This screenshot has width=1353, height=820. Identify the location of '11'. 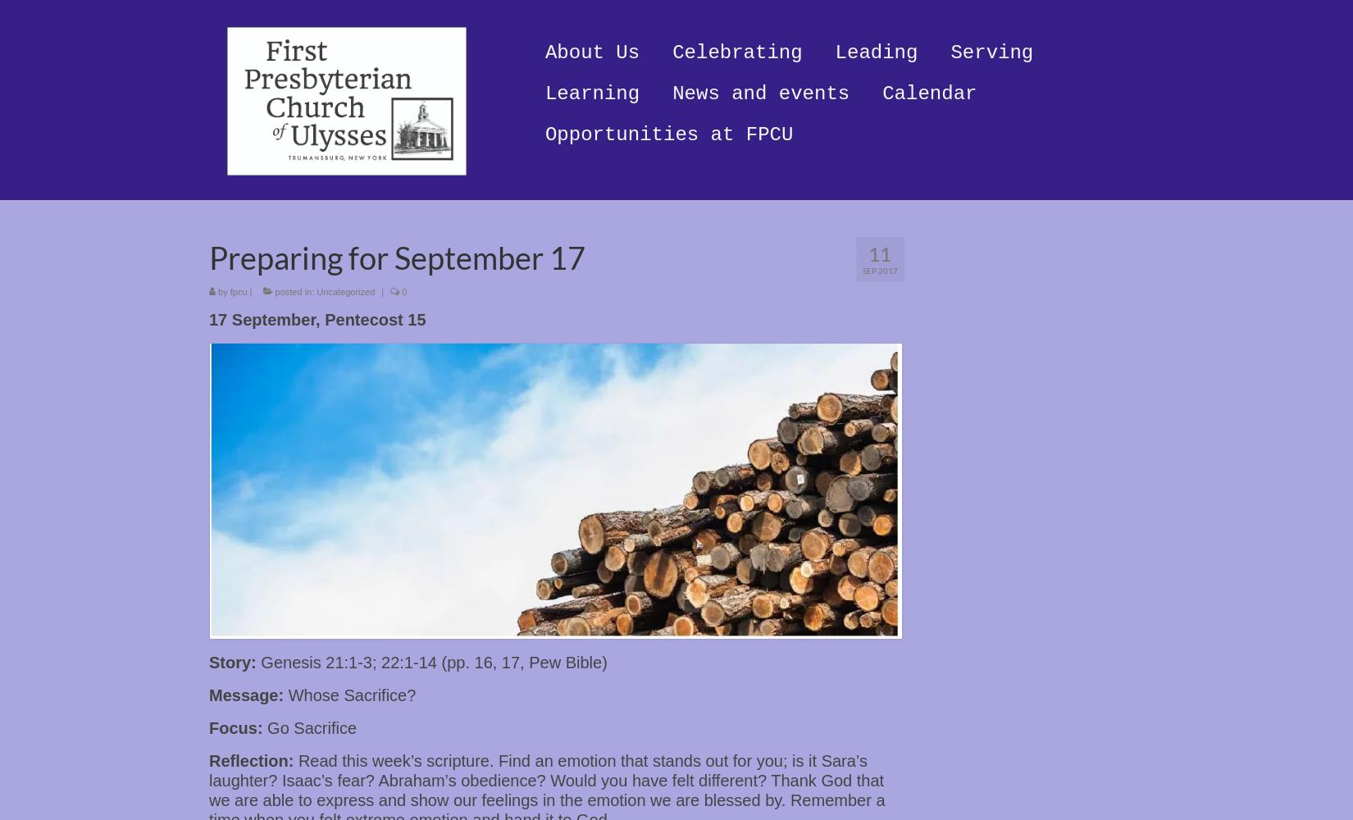
(879, 253).